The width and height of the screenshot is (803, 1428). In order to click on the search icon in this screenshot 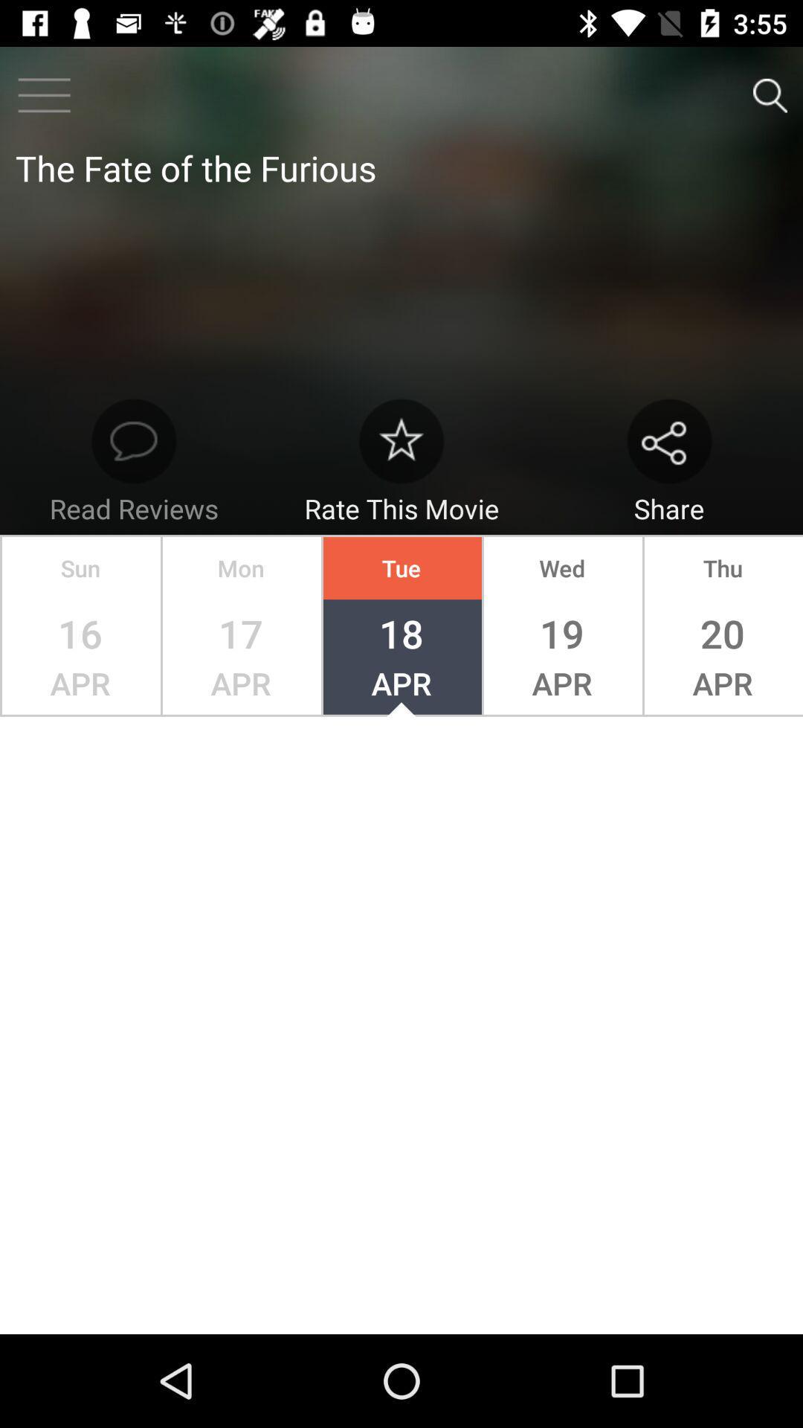, I will do `click(770, 94)`.